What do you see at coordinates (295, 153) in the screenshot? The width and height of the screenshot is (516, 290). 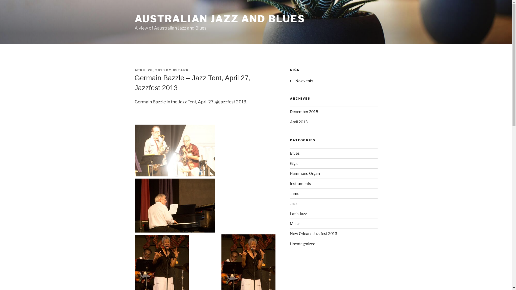 I see `'Blues'` at bounding box center [295, 153].